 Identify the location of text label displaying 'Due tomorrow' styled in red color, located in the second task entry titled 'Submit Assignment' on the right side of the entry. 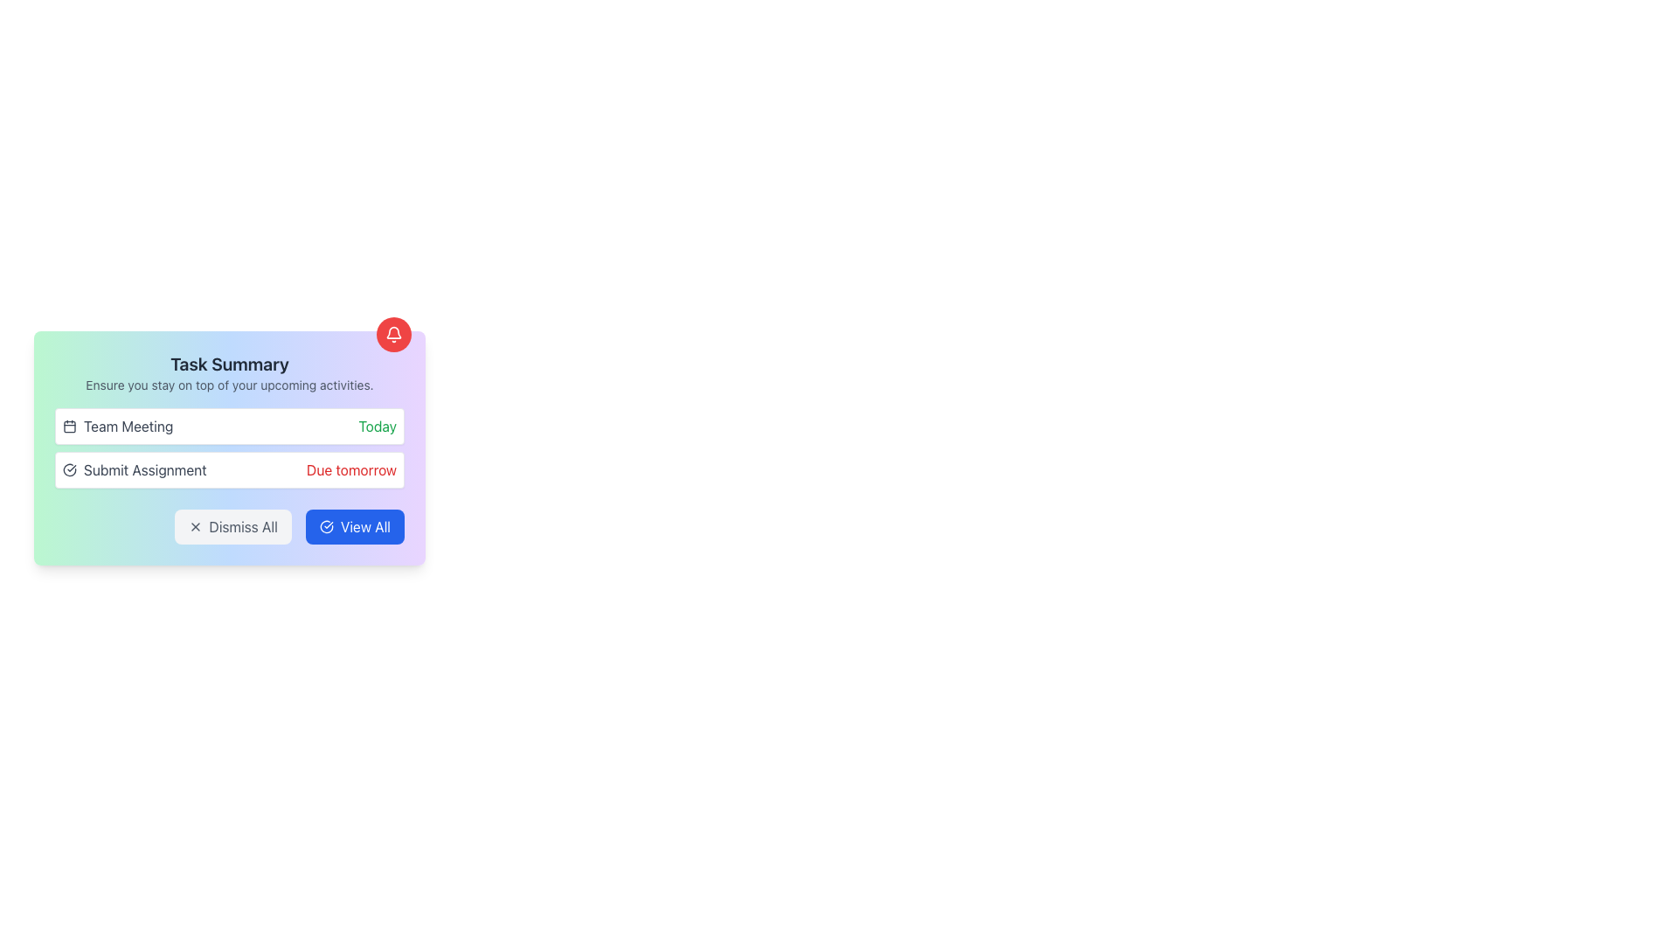
(350, 469).